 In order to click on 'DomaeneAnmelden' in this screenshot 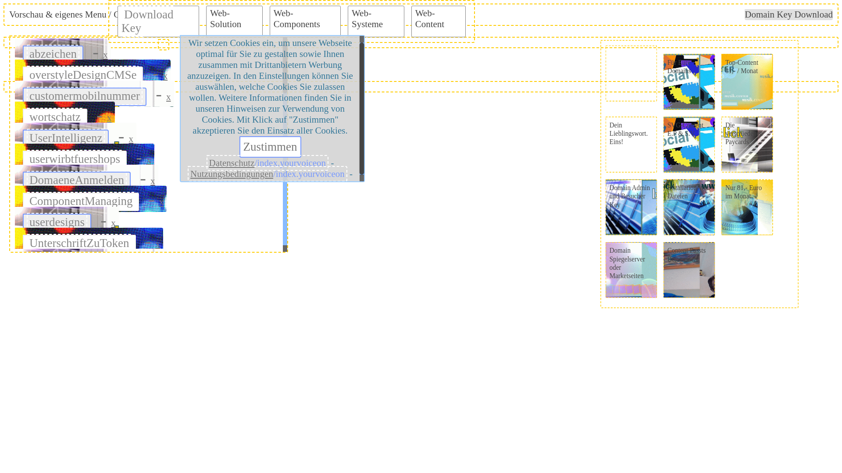, I will do `click(76, 180)`.